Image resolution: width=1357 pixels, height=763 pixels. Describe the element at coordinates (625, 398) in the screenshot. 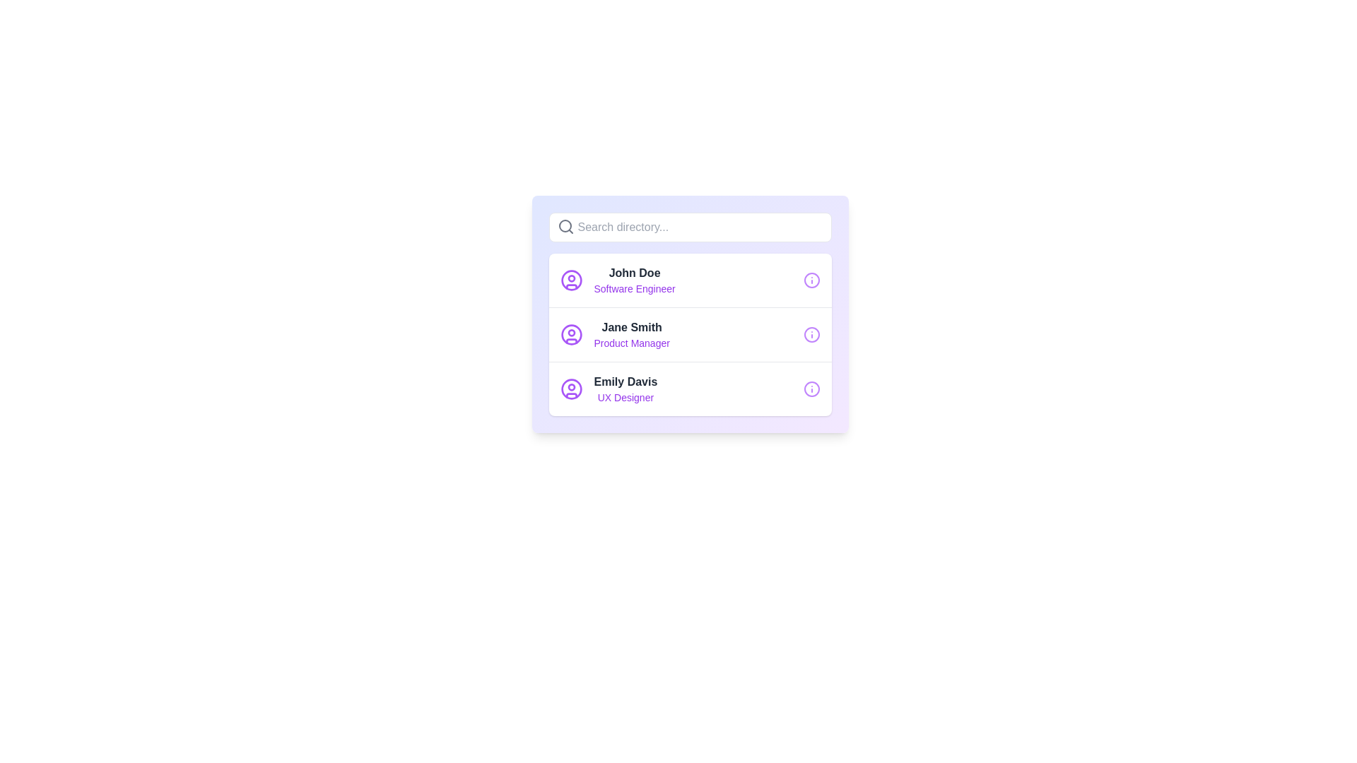

I see `text label that reads 'UX Designer' located below the name 'Emily Davis' in the profile list` at that location.